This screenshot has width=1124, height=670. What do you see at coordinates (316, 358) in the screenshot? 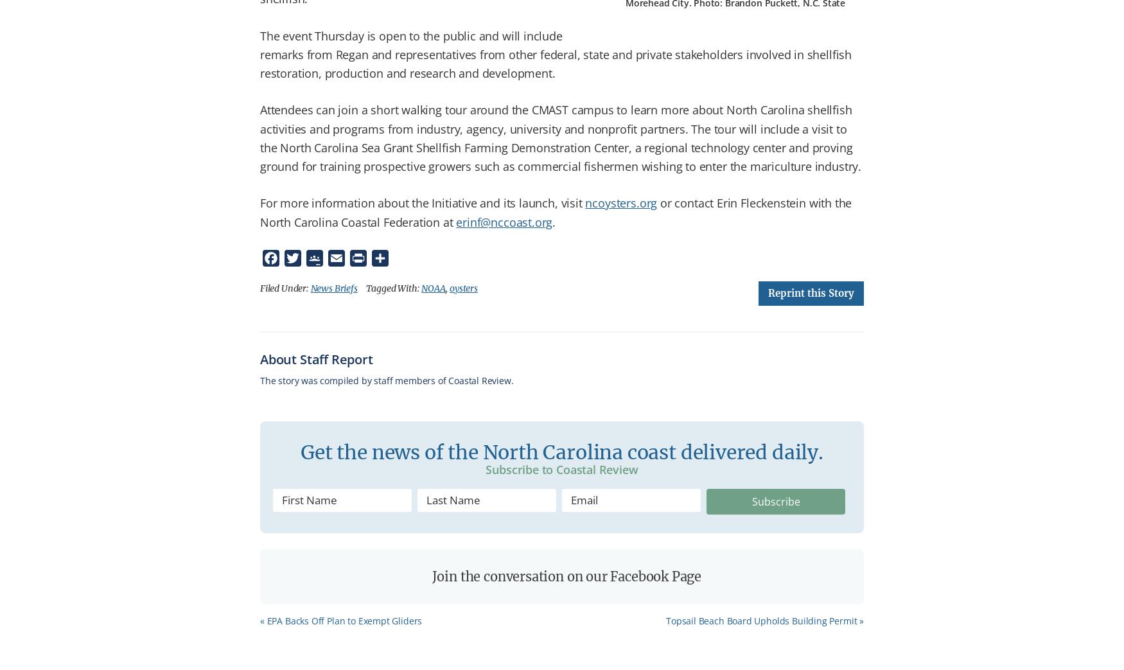
I see `'About Staff Report'` at bounding box center [316, 358].